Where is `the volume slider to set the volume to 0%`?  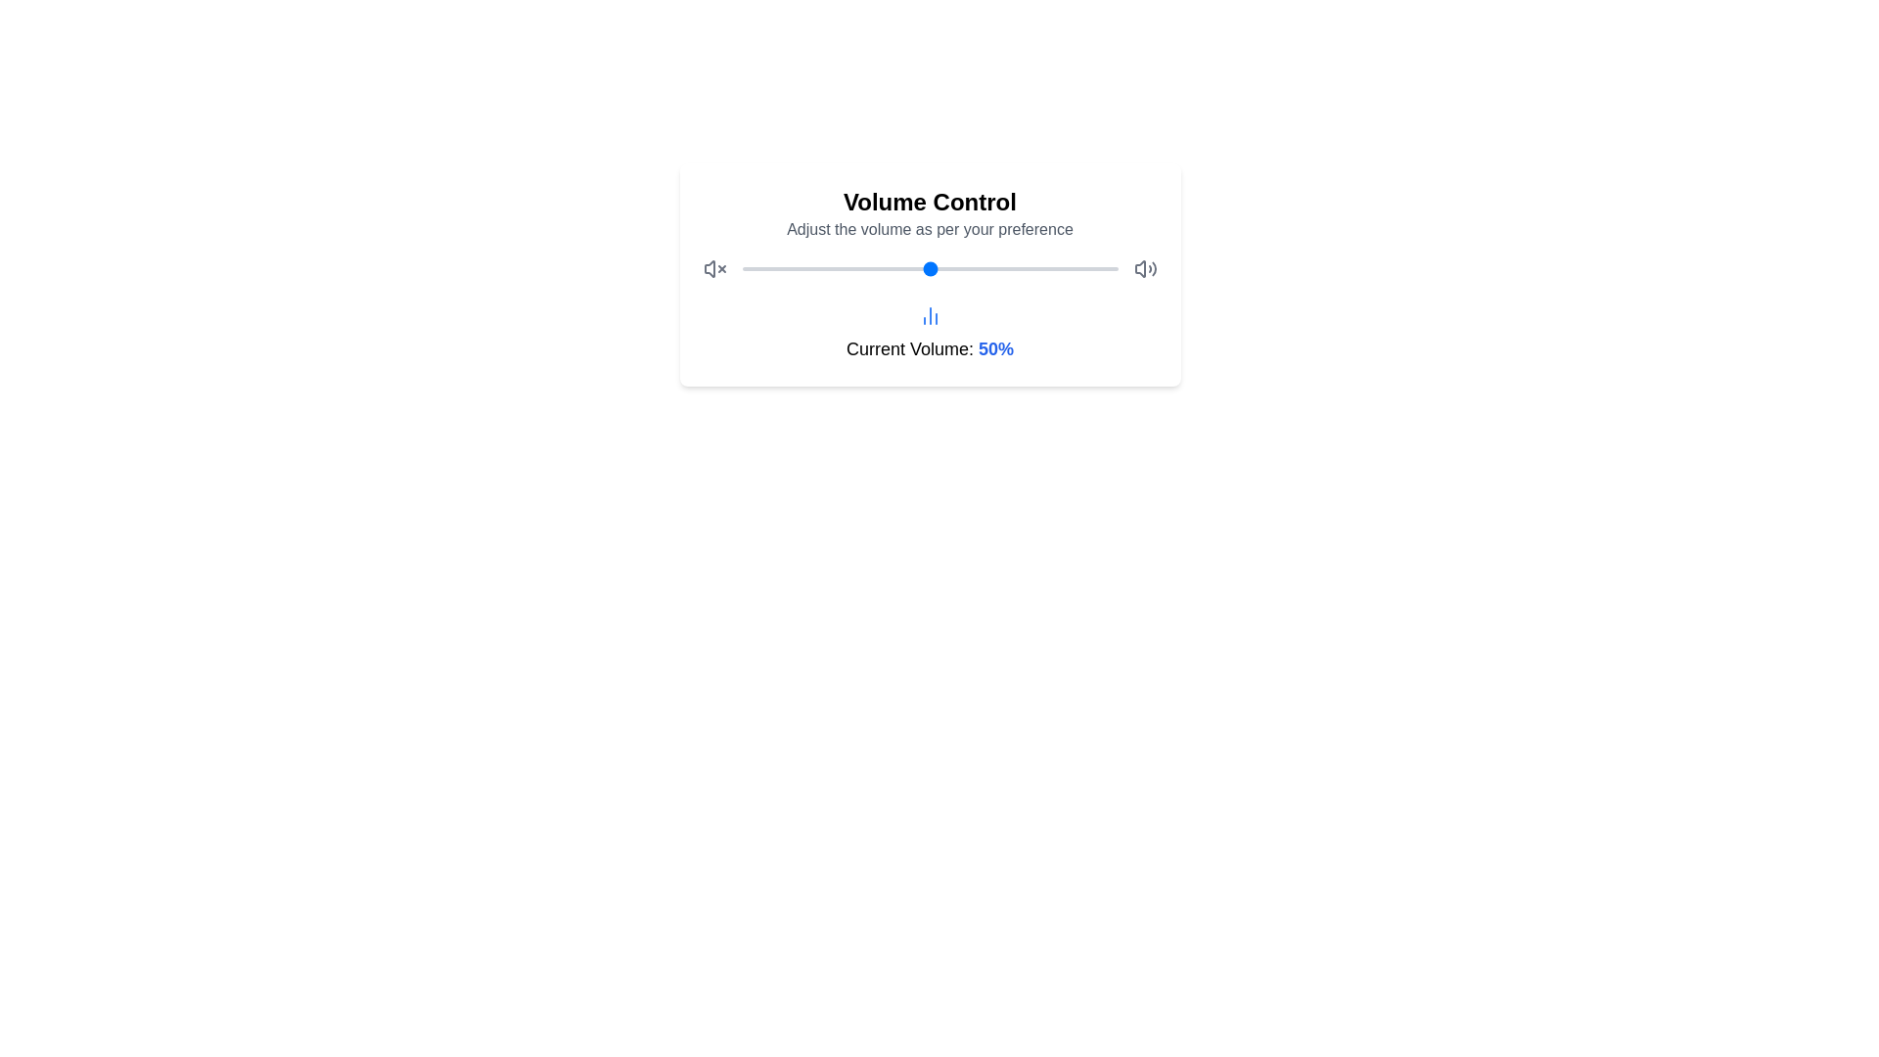
the volume slider to set the volume to 0% is located at coordinates (741, 268).